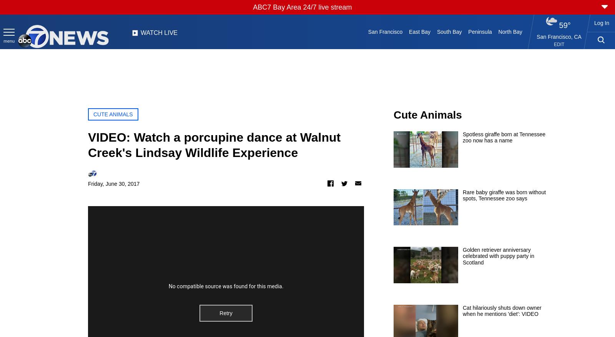  What do you see at coordinates (564, 25) in the screenshot?
I see `'59°'` at bounding box center [564, 25].